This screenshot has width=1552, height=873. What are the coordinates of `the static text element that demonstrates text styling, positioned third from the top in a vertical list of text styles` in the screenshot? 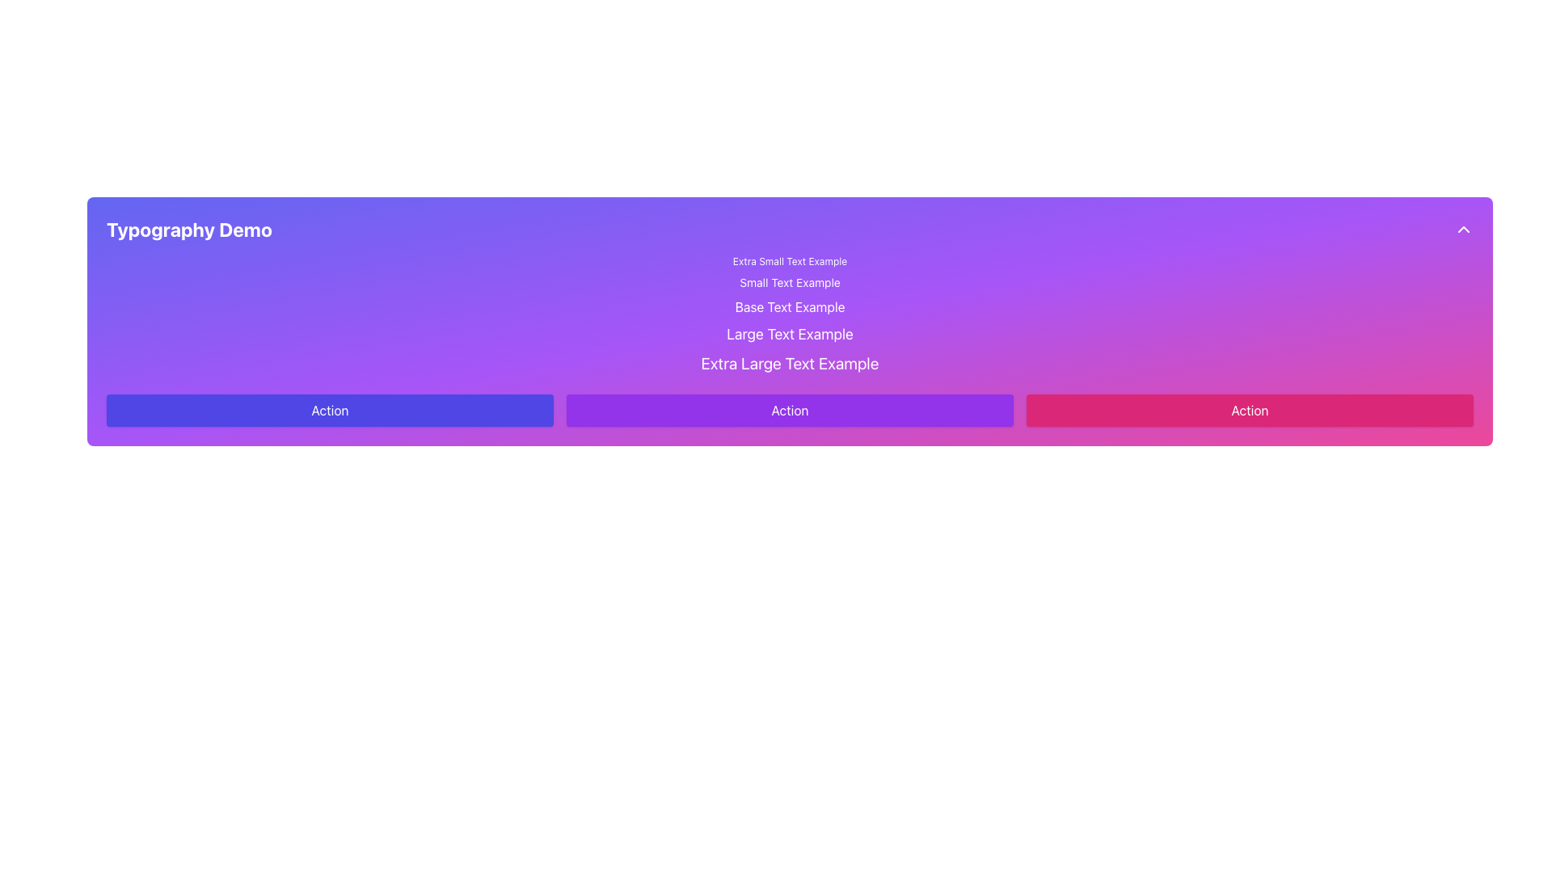 It's located at (790, 307).